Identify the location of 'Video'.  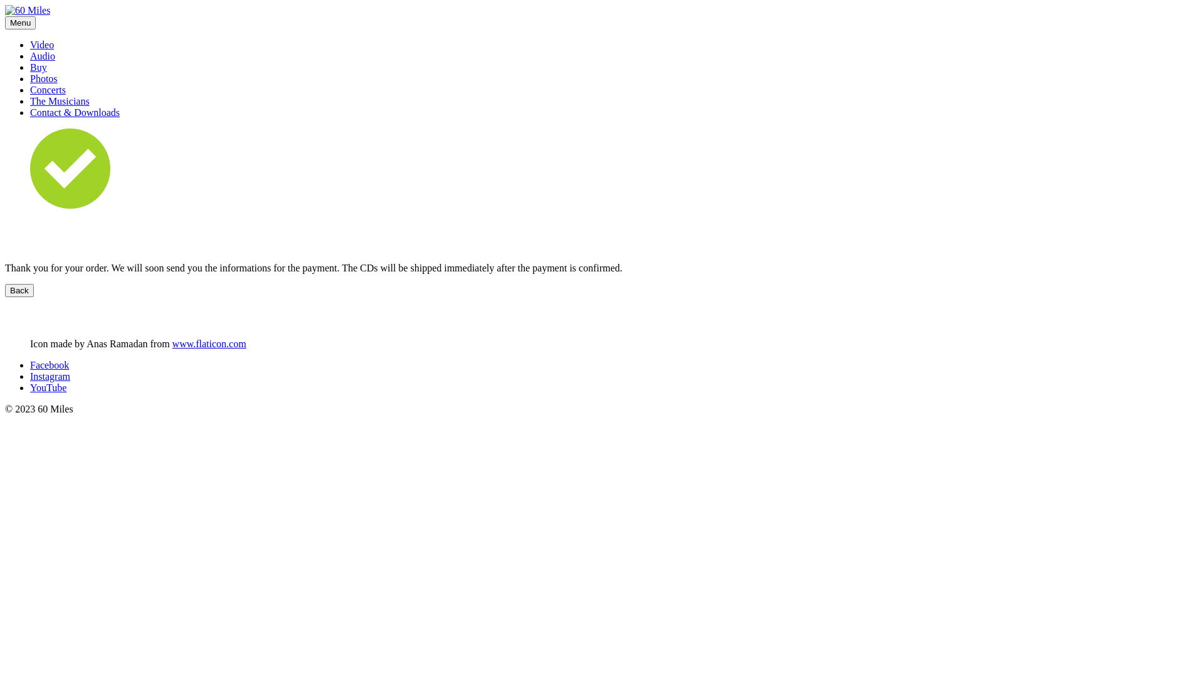
(42, 44).